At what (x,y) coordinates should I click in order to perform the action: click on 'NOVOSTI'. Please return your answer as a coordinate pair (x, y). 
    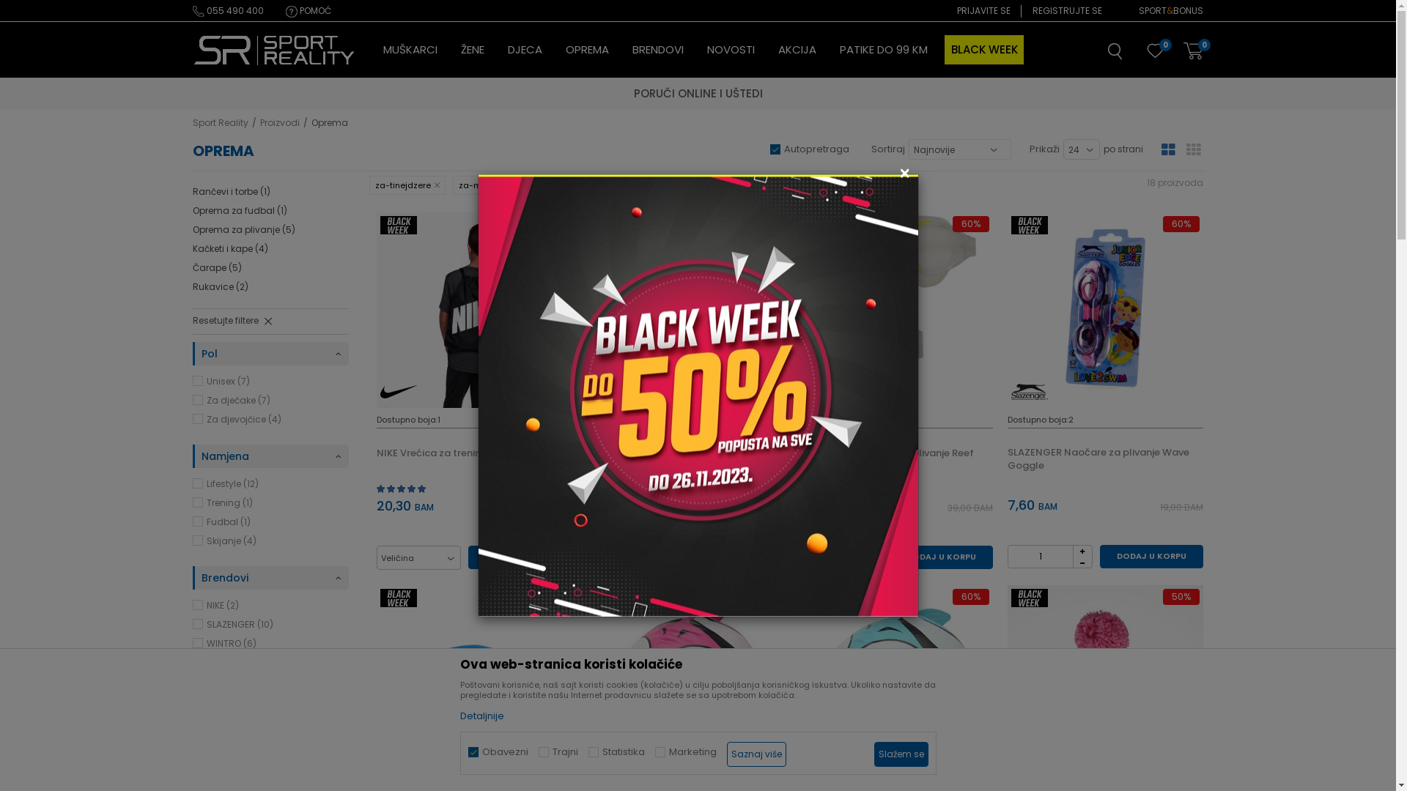
    Looking at the image, I should click on (730, 49).